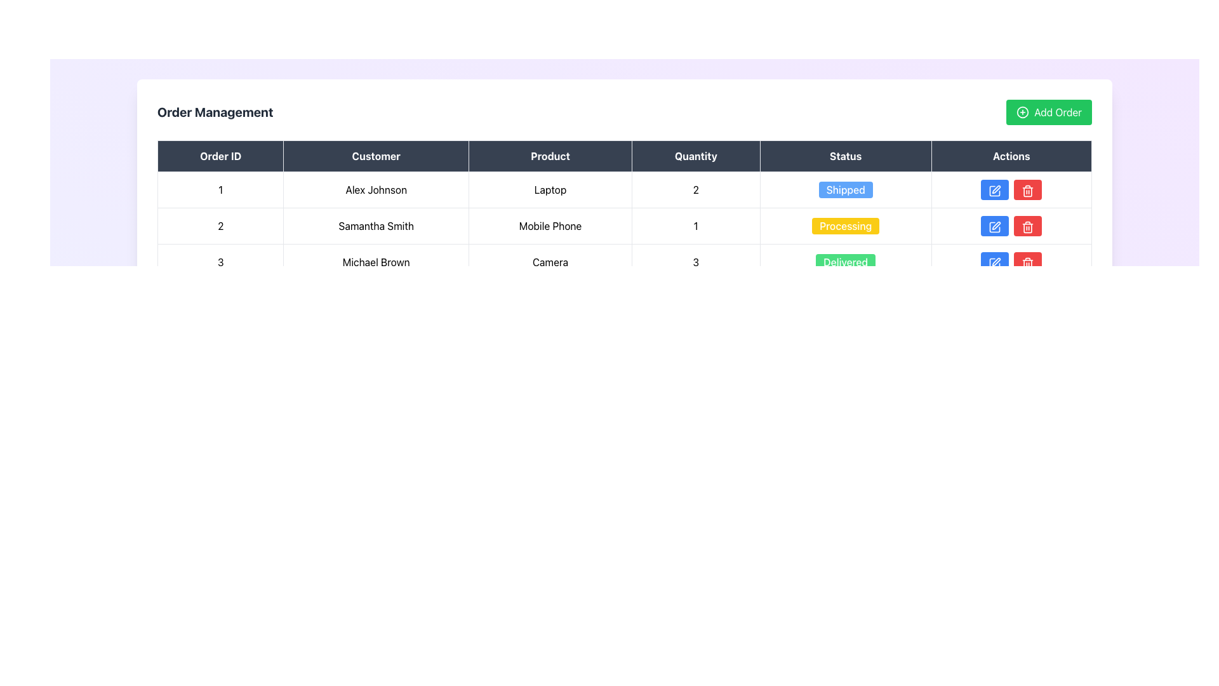 This screenshot has width=1219, height=686. Describe the element at coordinates (550, 190) in the screenshot. I see `the text element displaying 'Laptop' in the 'Product' column of the table for 'Alex Johnson'` at that location.